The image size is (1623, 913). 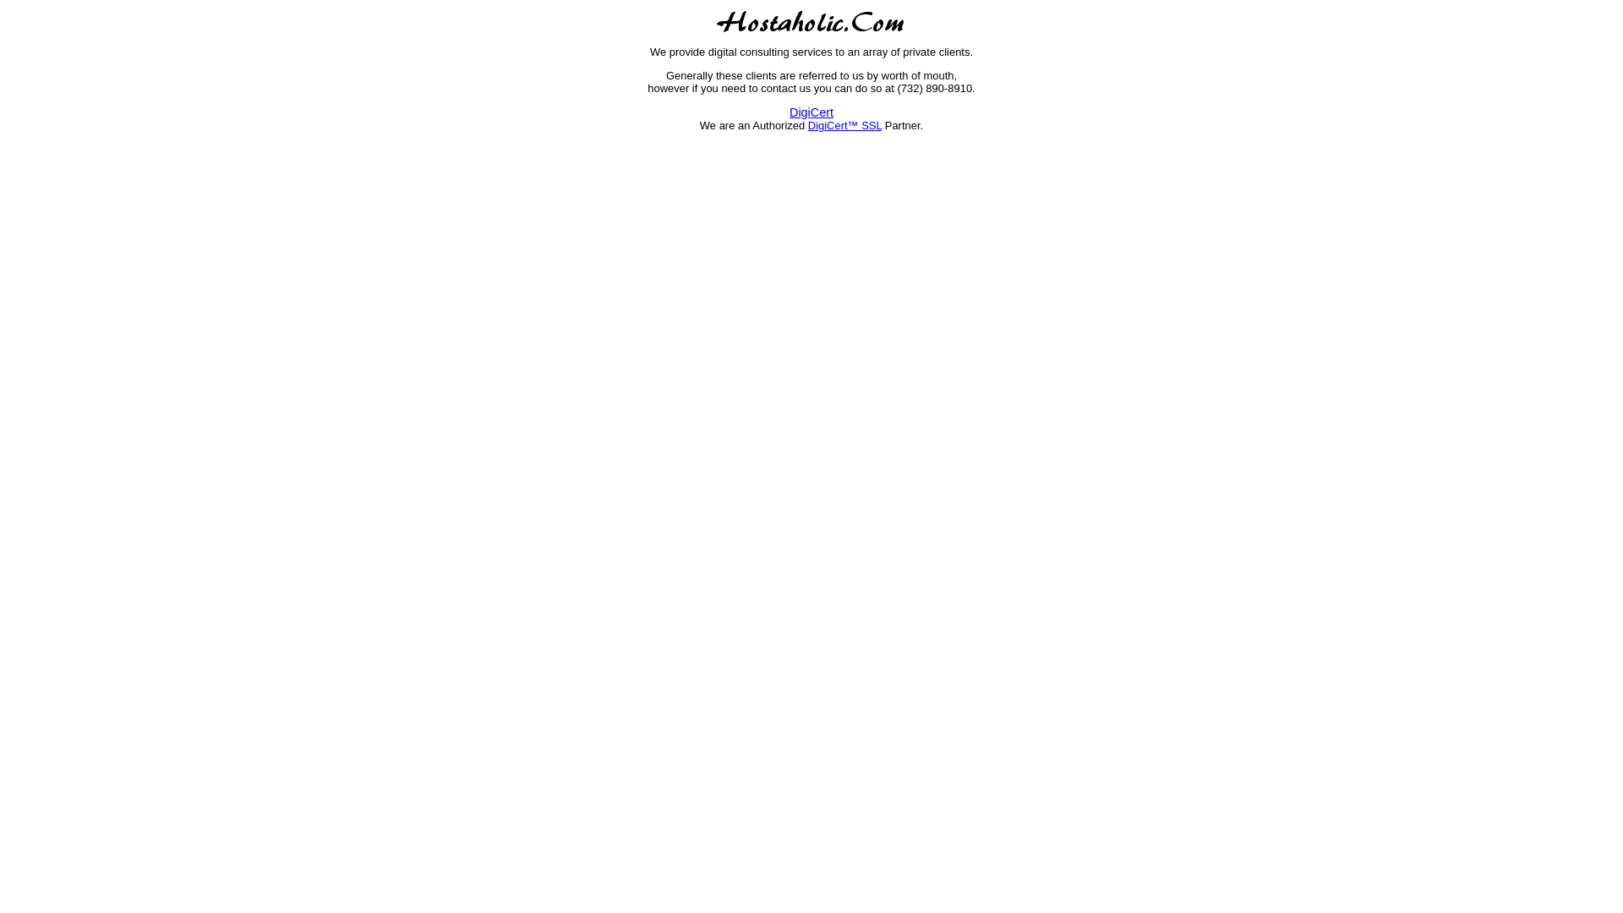 What do you see at coordinates (872, 124) in the screenshot?
I see `'SSL'` at bounding box center [872, 124].